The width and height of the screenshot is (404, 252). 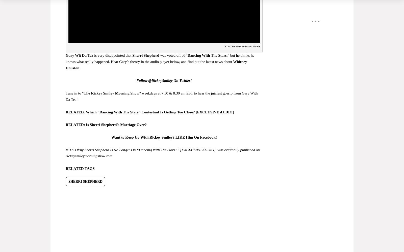 I want to click on 'Sherri Shepherd', so click(x=145, y=55).